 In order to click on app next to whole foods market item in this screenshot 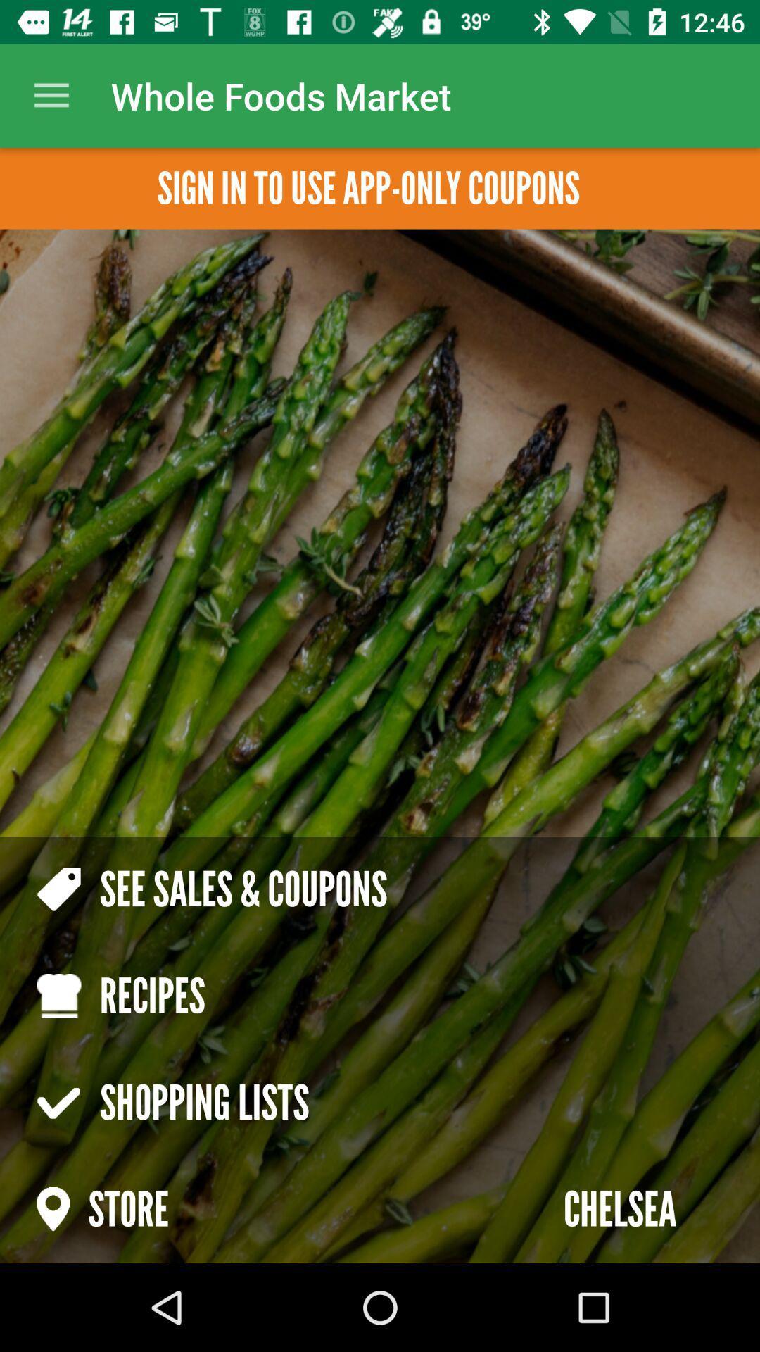, I will do `click(51, 95)`.